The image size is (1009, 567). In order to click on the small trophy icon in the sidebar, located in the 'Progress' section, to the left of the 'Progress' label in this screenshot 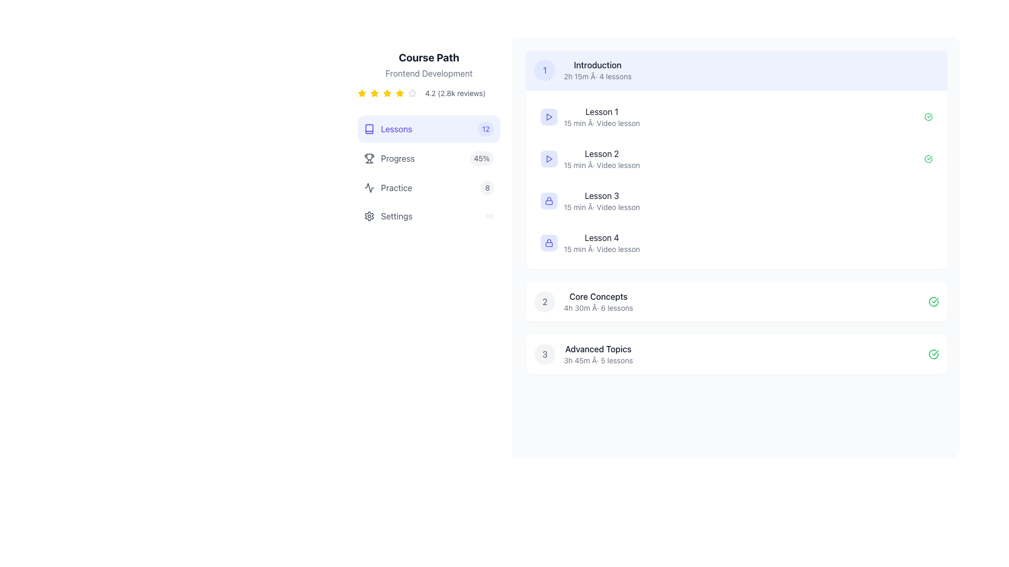, I will do `click(369, 158)`.